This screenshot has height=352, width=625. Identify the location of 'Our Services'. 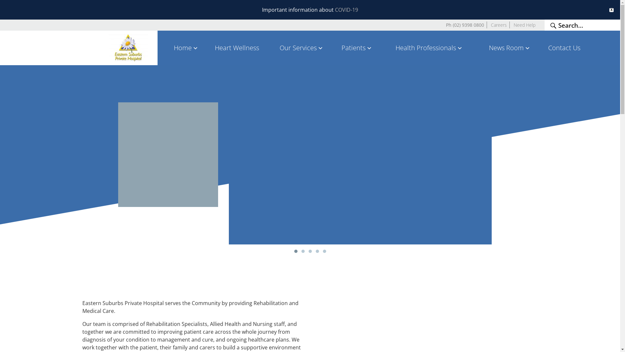
(270, 47).